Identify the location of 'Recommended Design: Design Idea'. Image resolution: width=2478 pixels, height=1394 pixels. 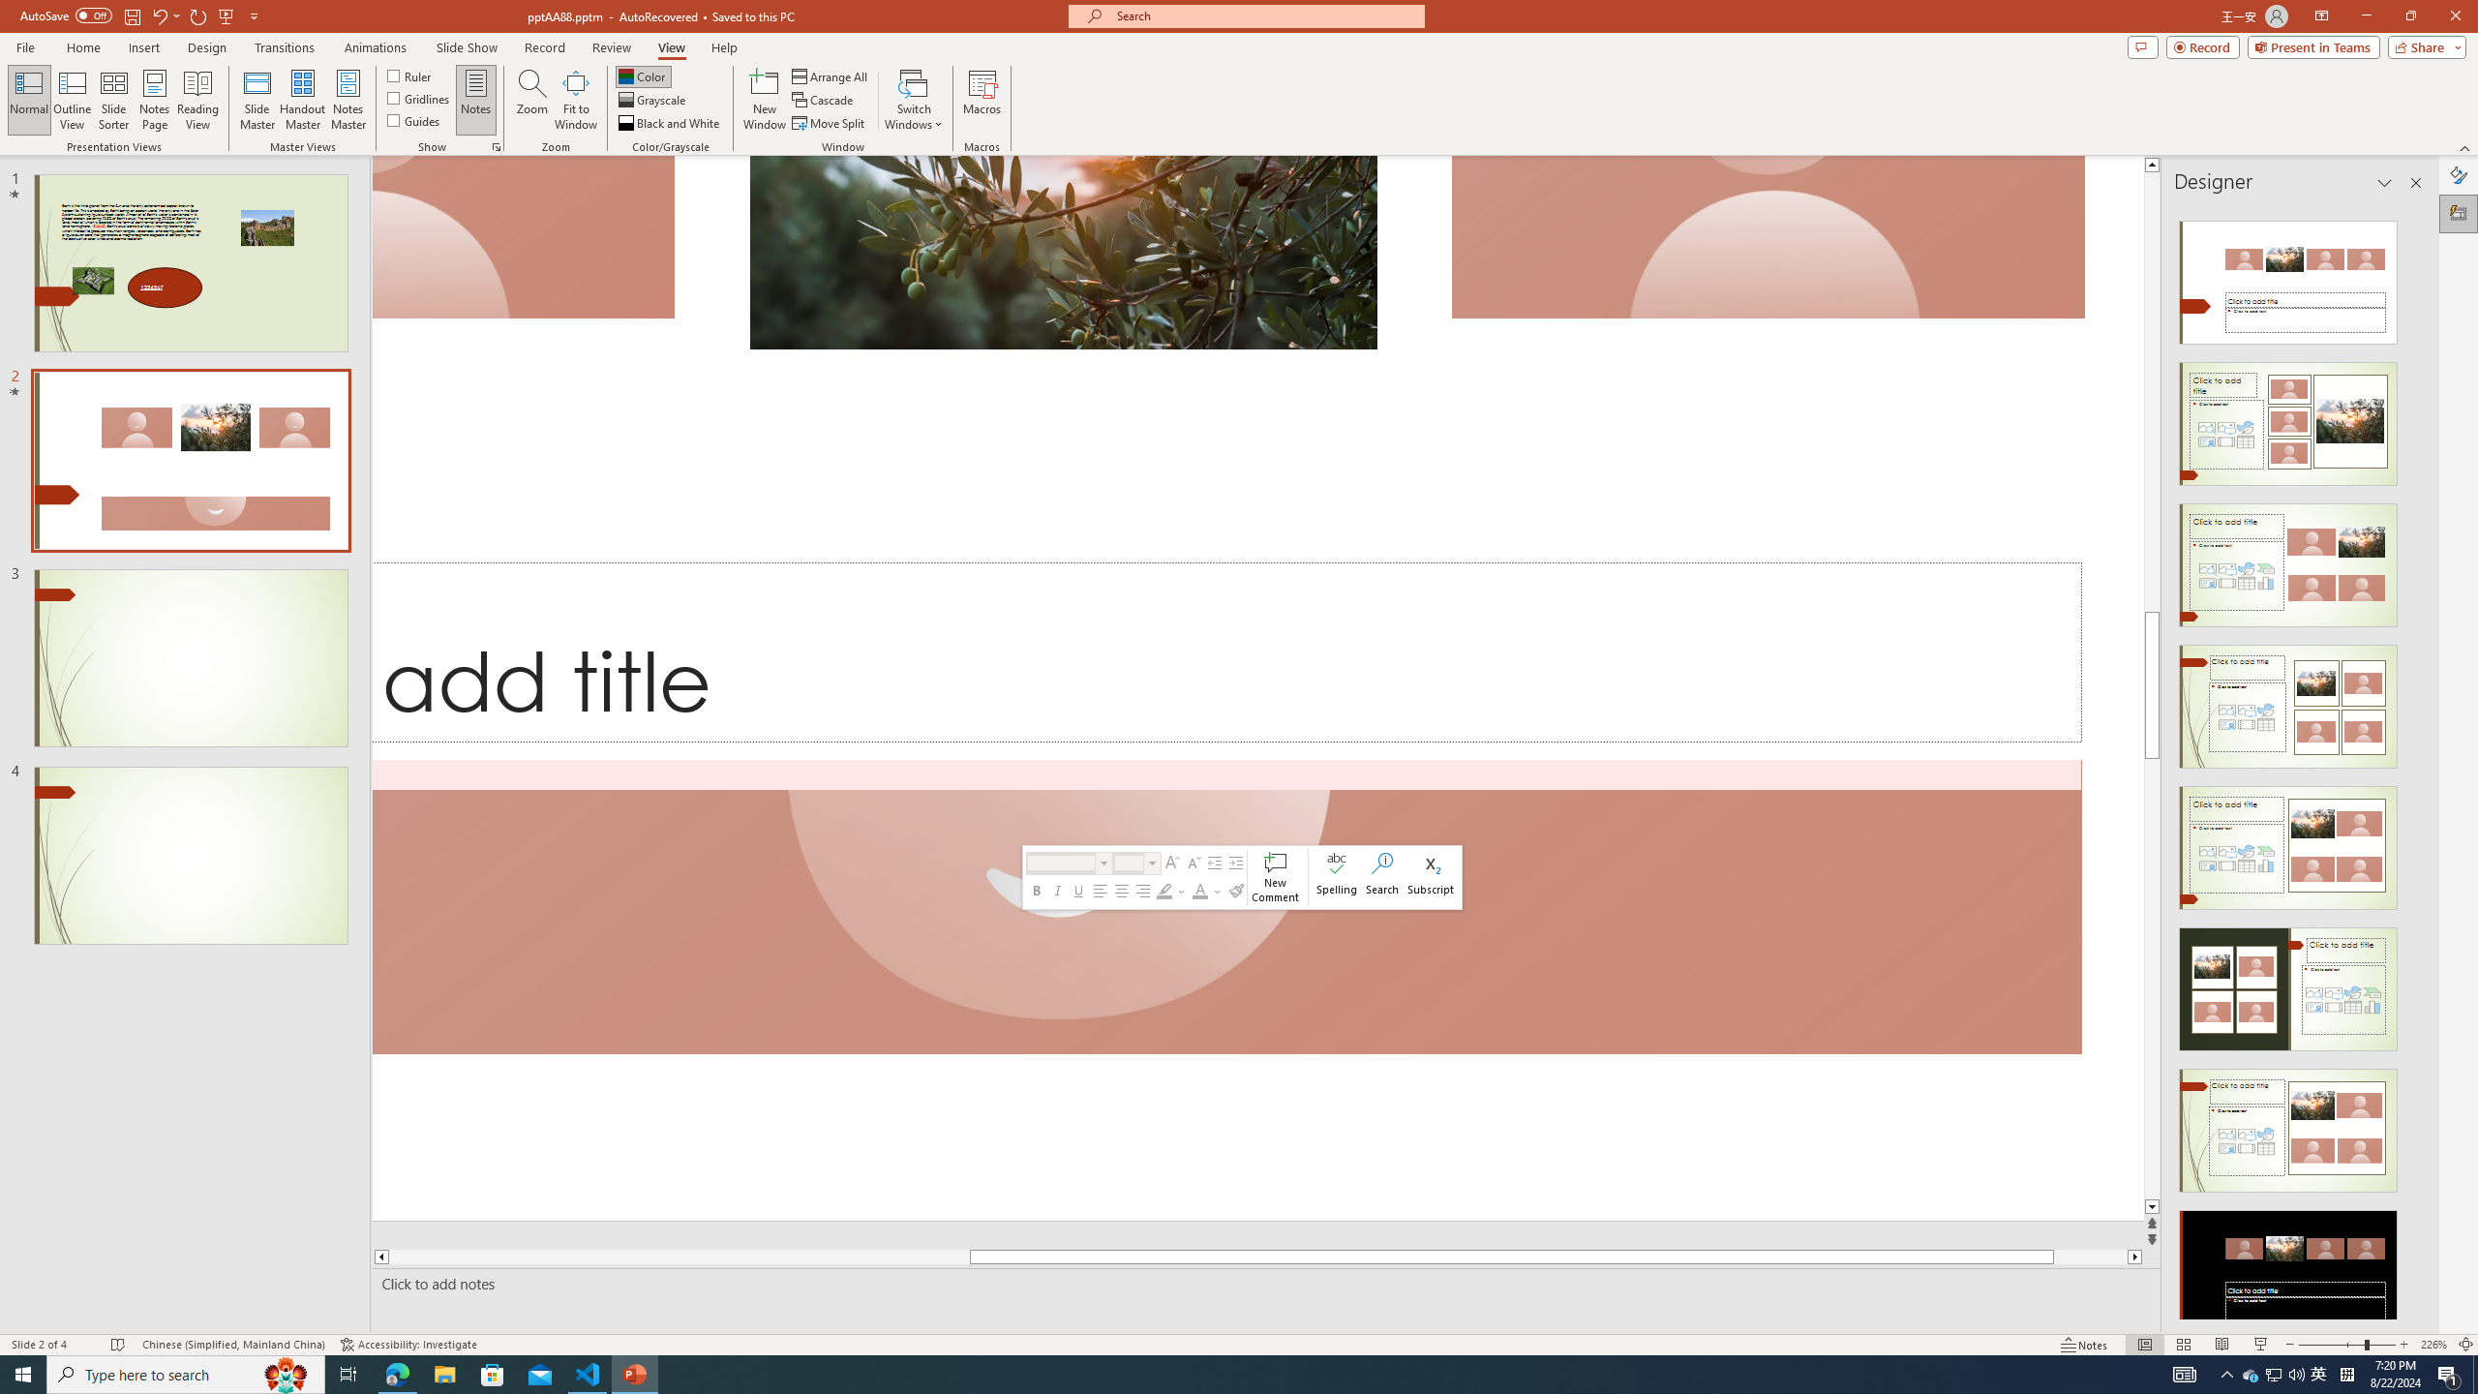
(2288, 275).